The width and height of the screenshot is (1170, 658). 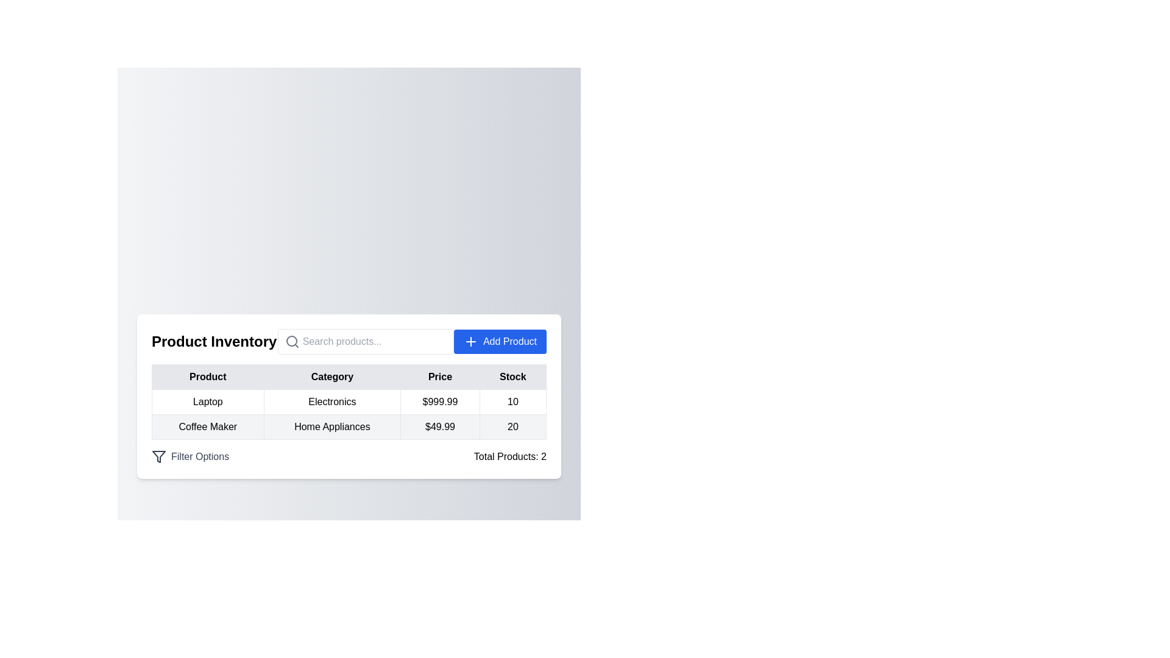 What do you see at coordinates (214, 341) in the screenshot?
I see `the 'Product Inventory' textual header element, which is displayed in bold and large font at the top left section of a card-like structure, above a search bar and next to an 'Add Product' button` at bounding box center [214, 341].